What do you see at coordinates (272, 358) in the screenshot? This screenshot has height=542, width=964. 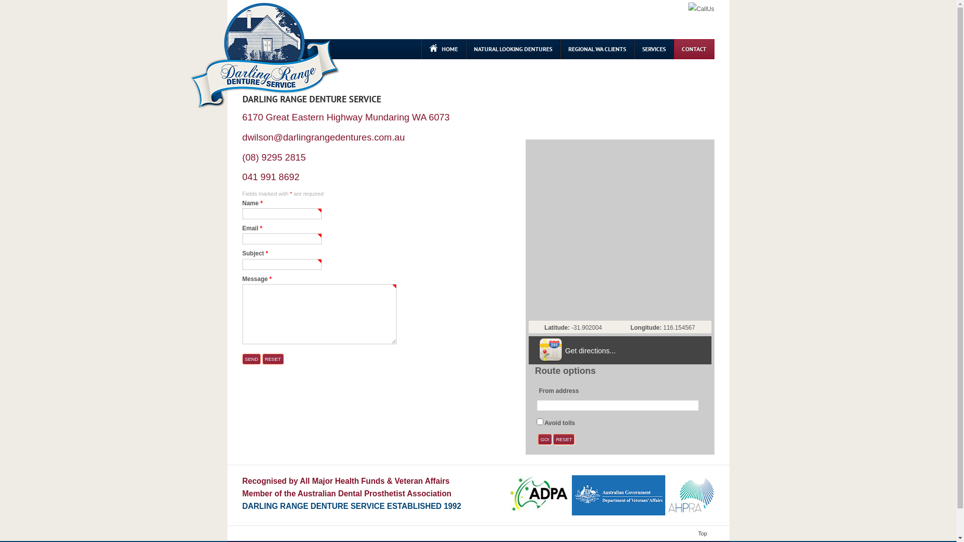 I see `'RESET'` at bounding box center [272, 358].